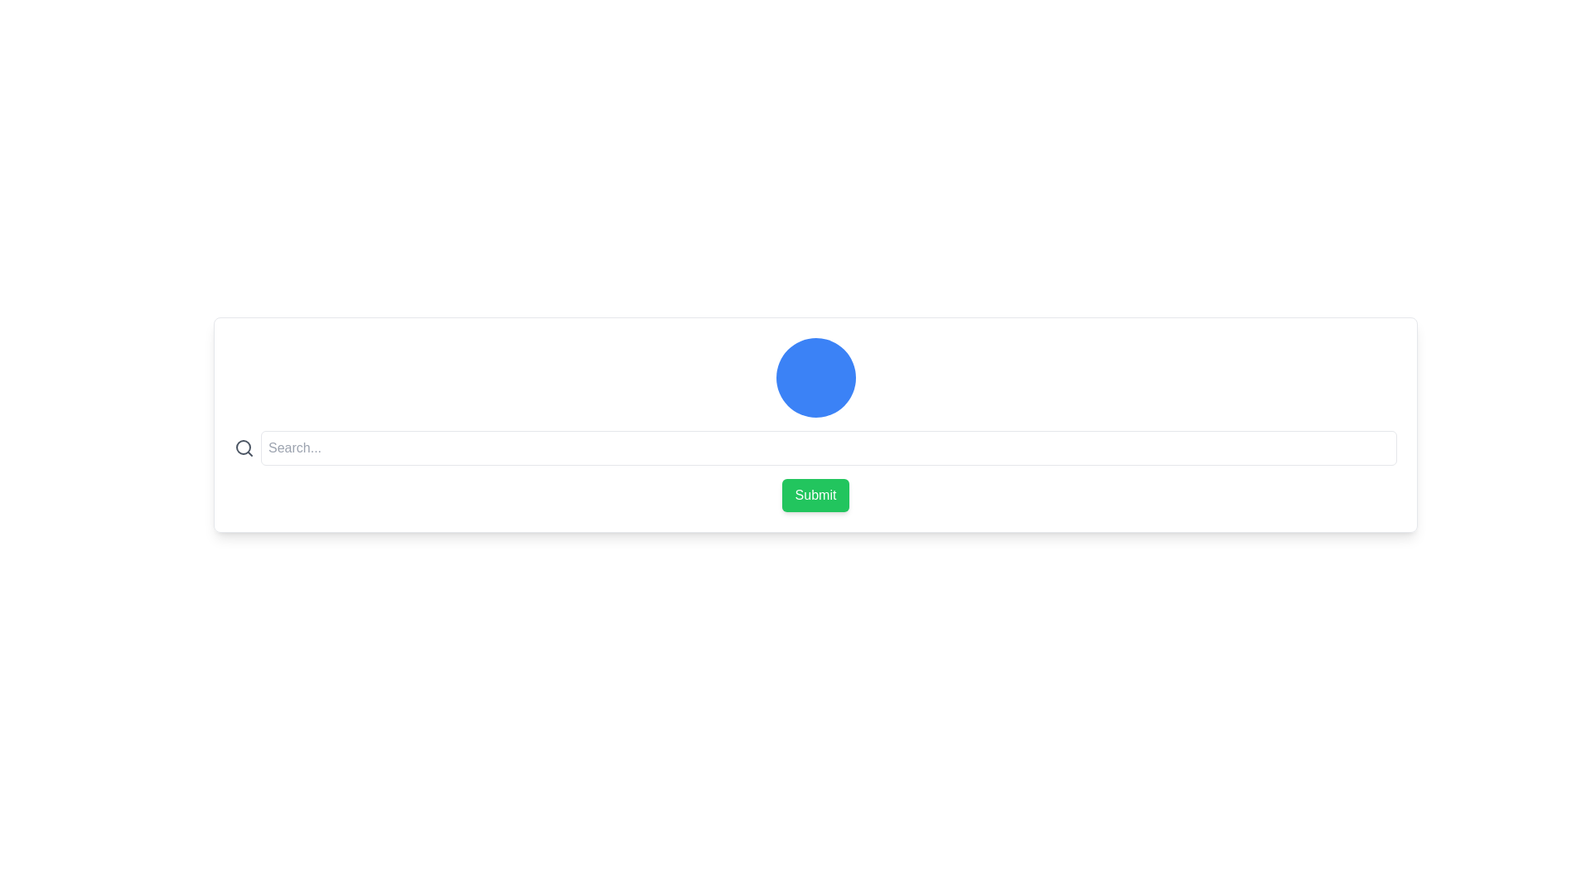 The image size is (1591, 895). What do you see at coordinates (242, 447) in the screenshot?
I see `the circular SVG element that represents the lens of the magnifying glass in the search icon, positioned at the center of the magnifying glass depiction` at bounding box center [242, 447].